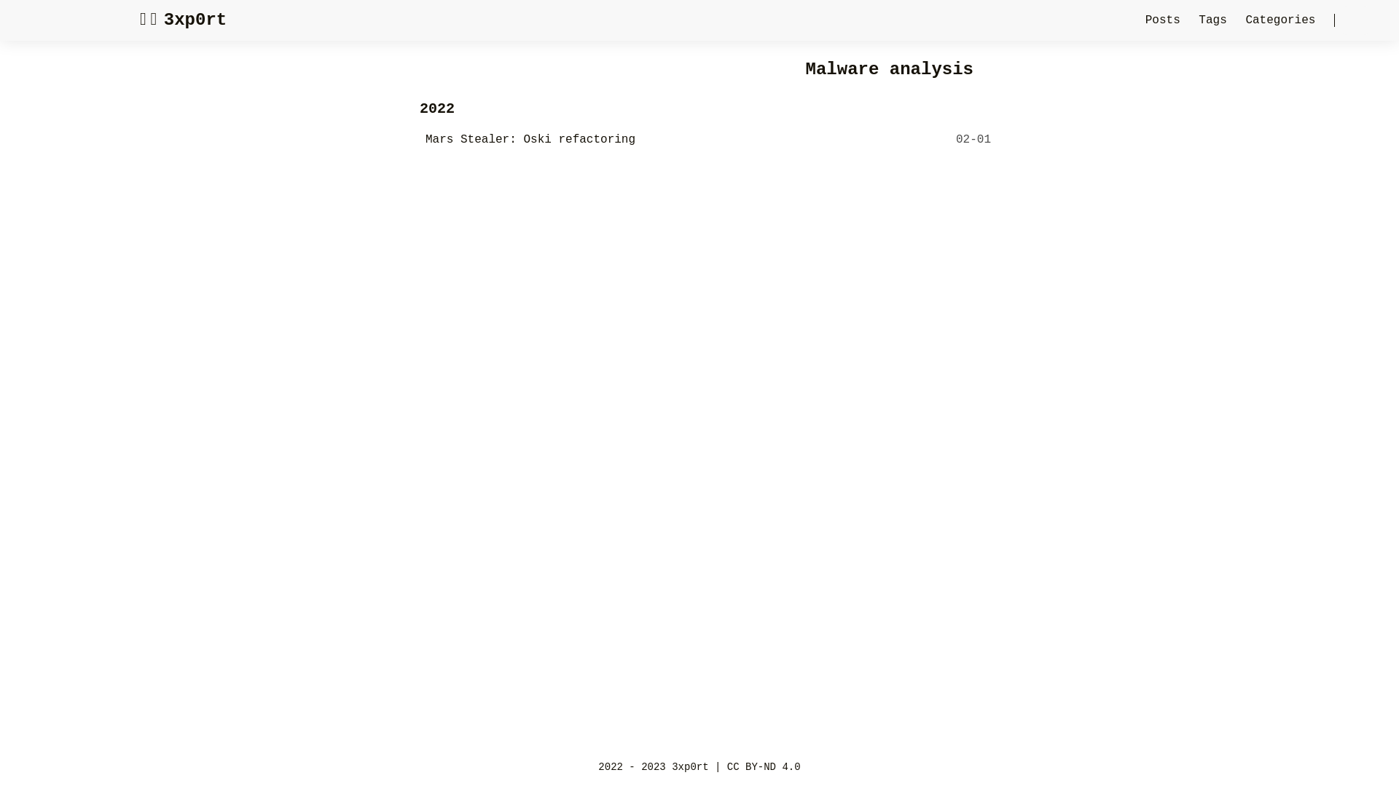 Image resolution: width=1399 pixels, height=786 pixels. Describe the element at coordinates (1167, 20) in the screenshot. I see `'Posts'` at that location.